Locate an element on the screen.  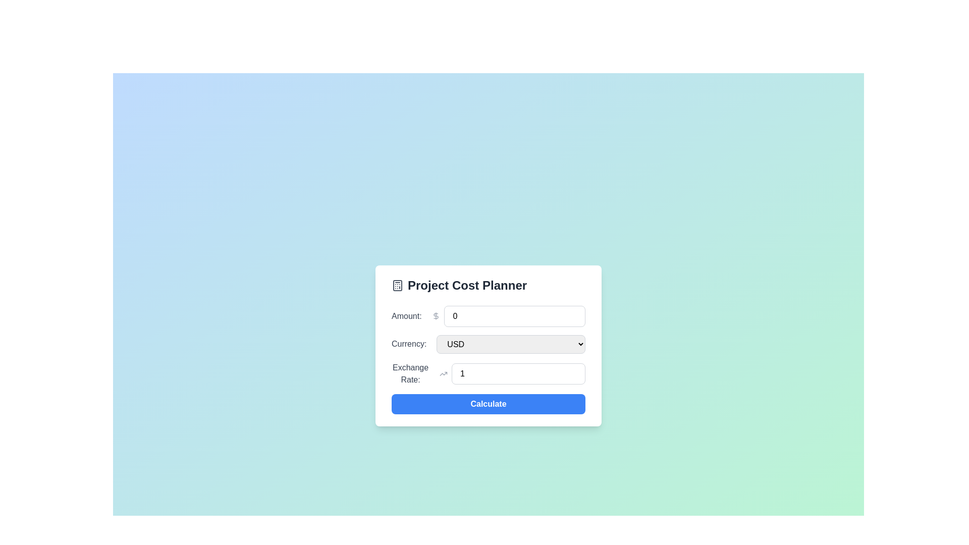
the rectangular graphical element that represents a calculator or tool related to cost planning, located beside the title 'Project Cost Planner' at the top of the widget is located at coordinates (397, 285).